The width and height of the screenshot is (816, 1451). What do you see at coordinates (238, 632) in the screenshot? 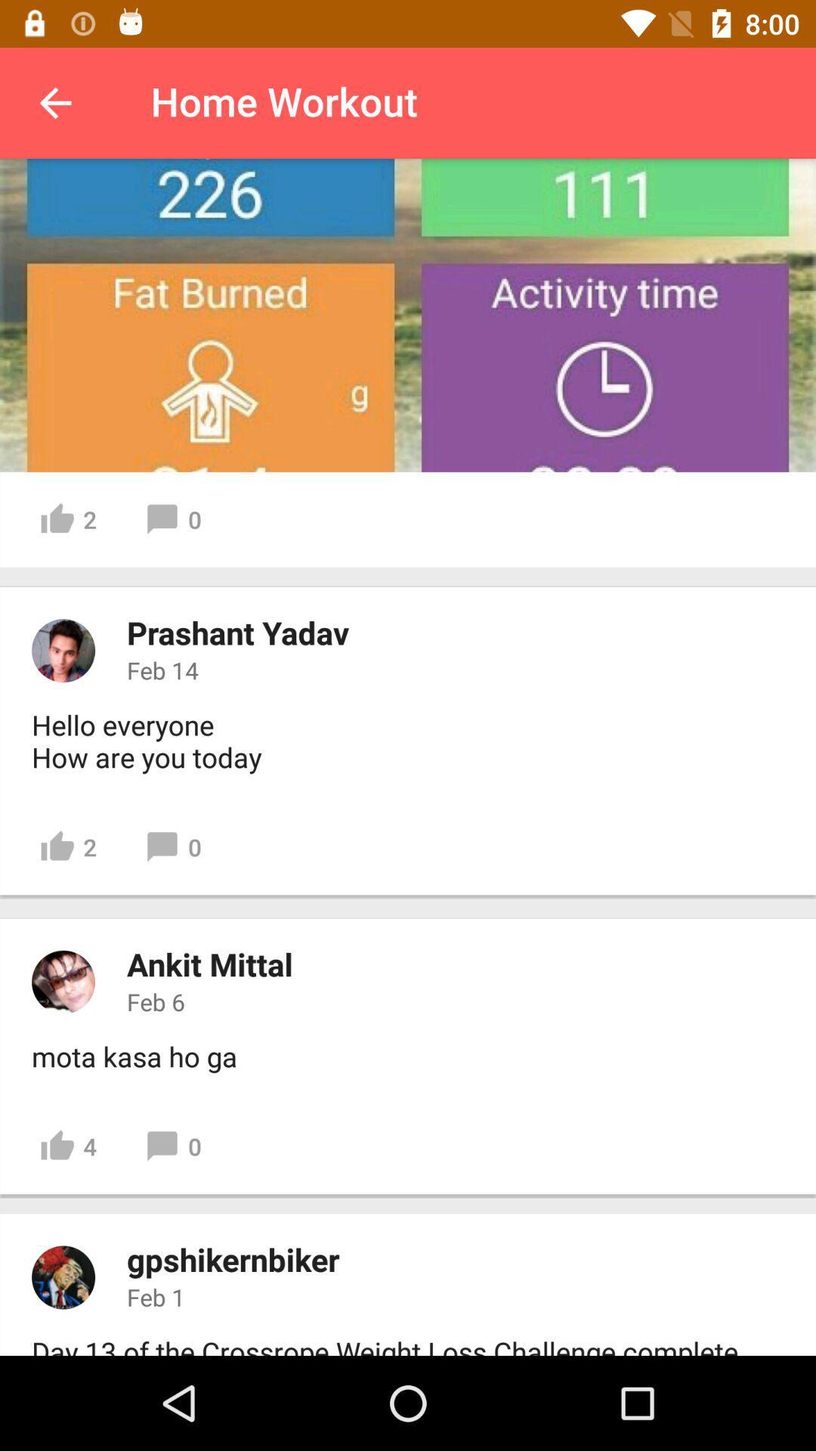
I see `icon below 2 icon` at bounding box center [238, 632].